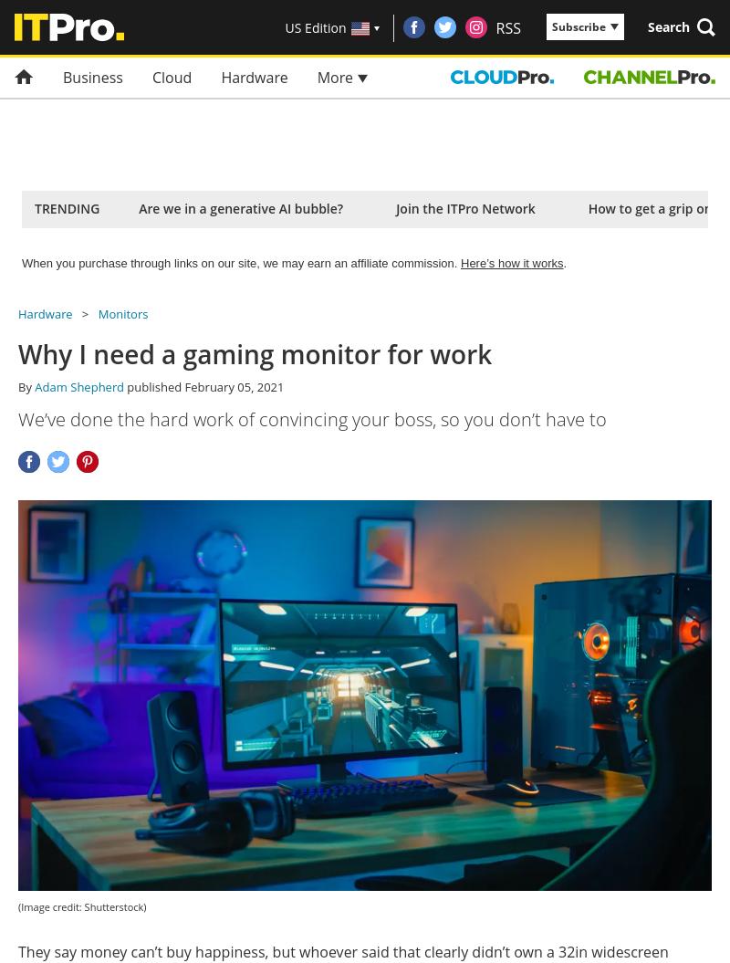 Image resolution: width=730 pixels, height=963 pixels. I want to click on 'We’ve done the hard work of convincing your boss, so you don’t have to', so click(312, 418).